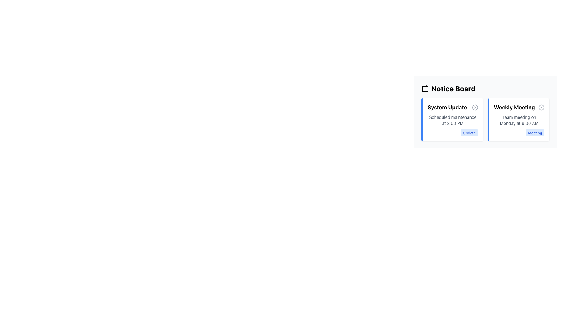  I want to click on the SVG circle icon used for cancellation or removal within the 'Weekly Meeting' card on the Notice Board section, so click(541, 107).